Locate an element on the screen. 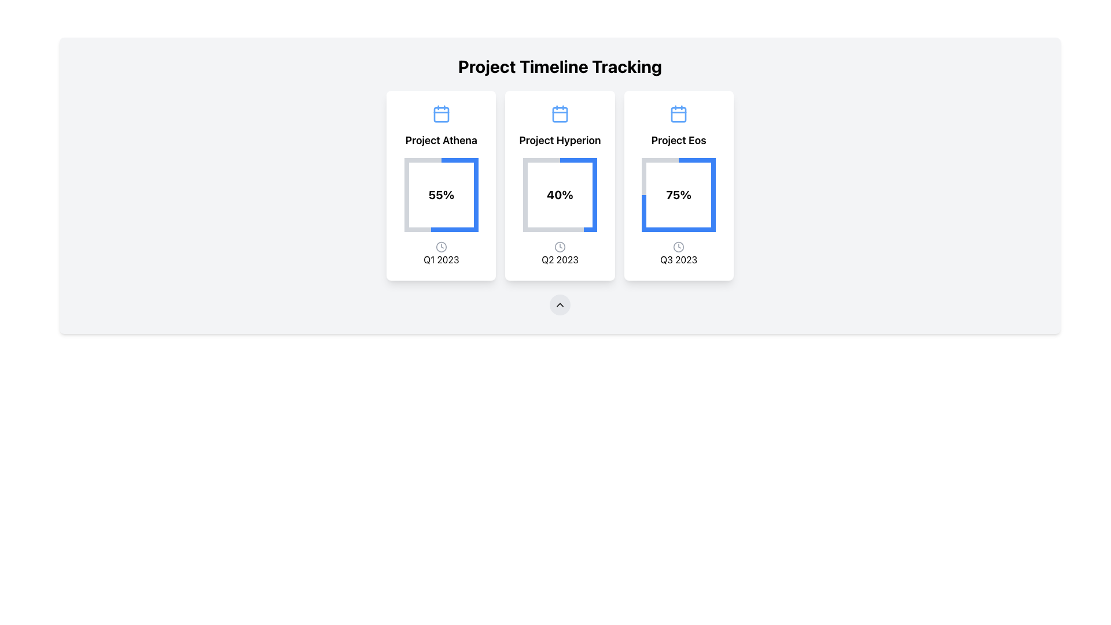  the graphical component inside the calendar icon located in the second card of the visual interface is located at coordinates (560, 114).